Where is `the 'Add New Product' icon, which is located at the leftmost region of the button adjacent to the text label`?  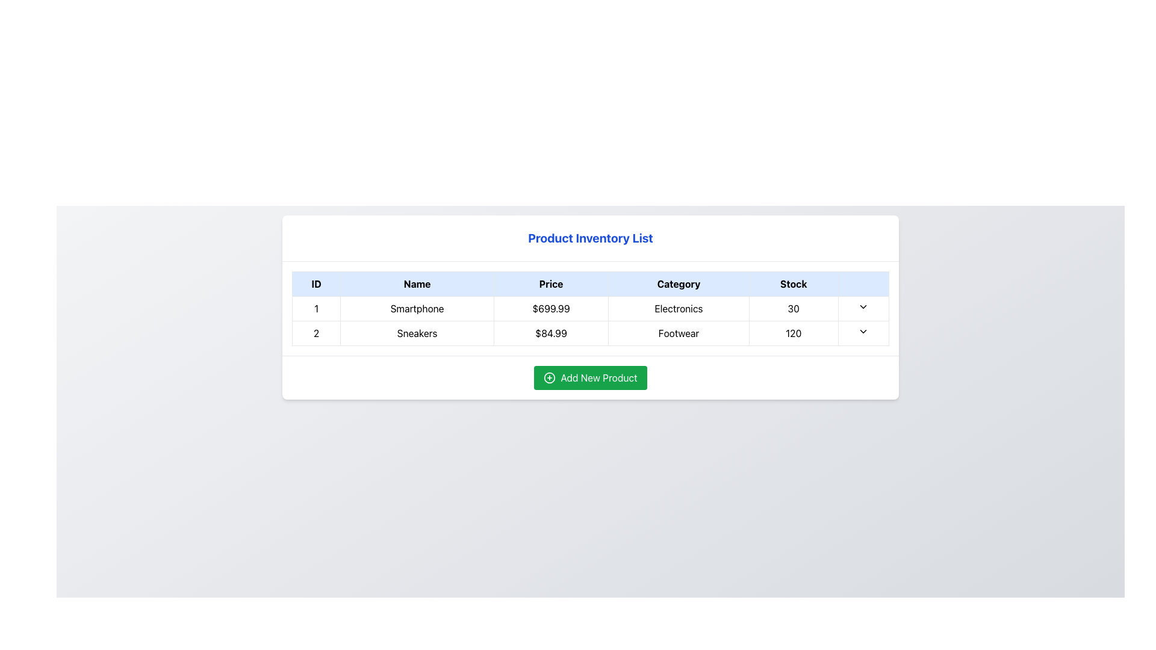
the 'Add New Product' icon, which is located at the leftmost region of the button adjacent to the text label is located at coordinates (549, 377).